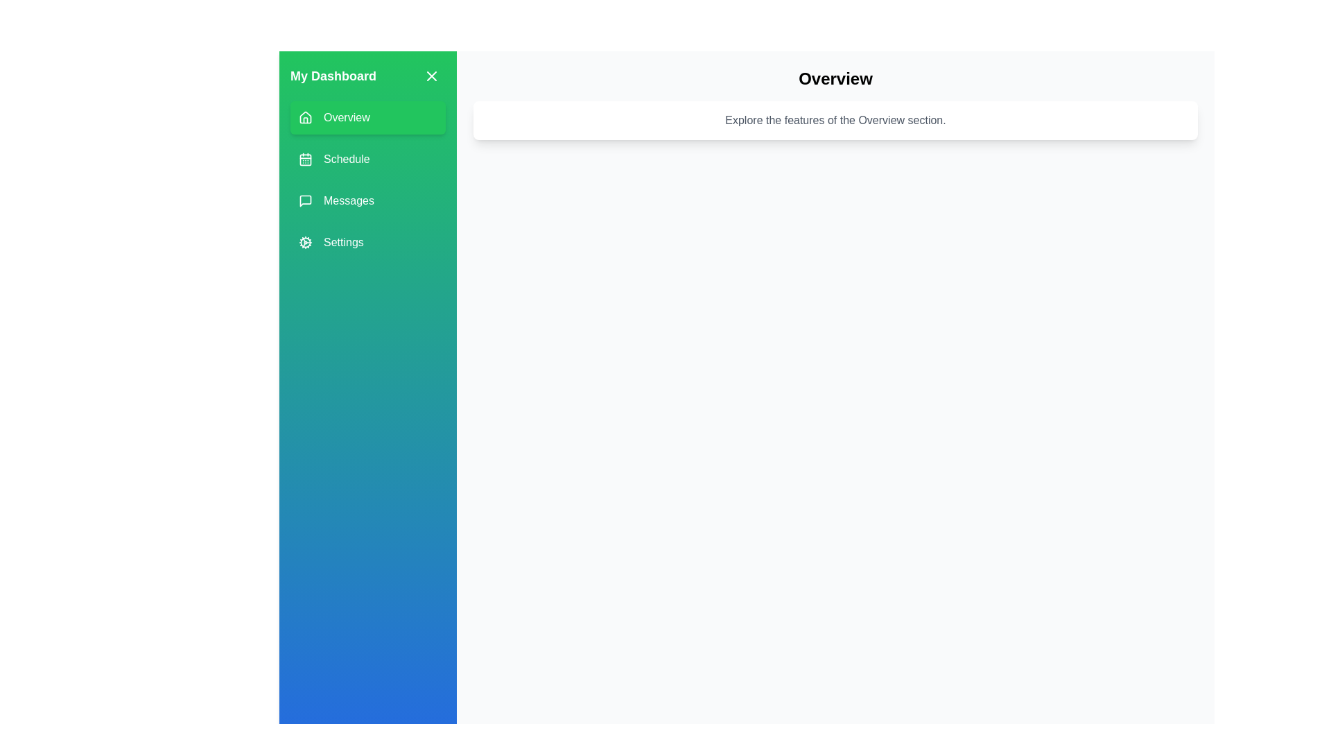 The width and height of the screenshot is (1331, 749). I want to click on the menu item Overview to observe its hover effect, so click(368, 117).